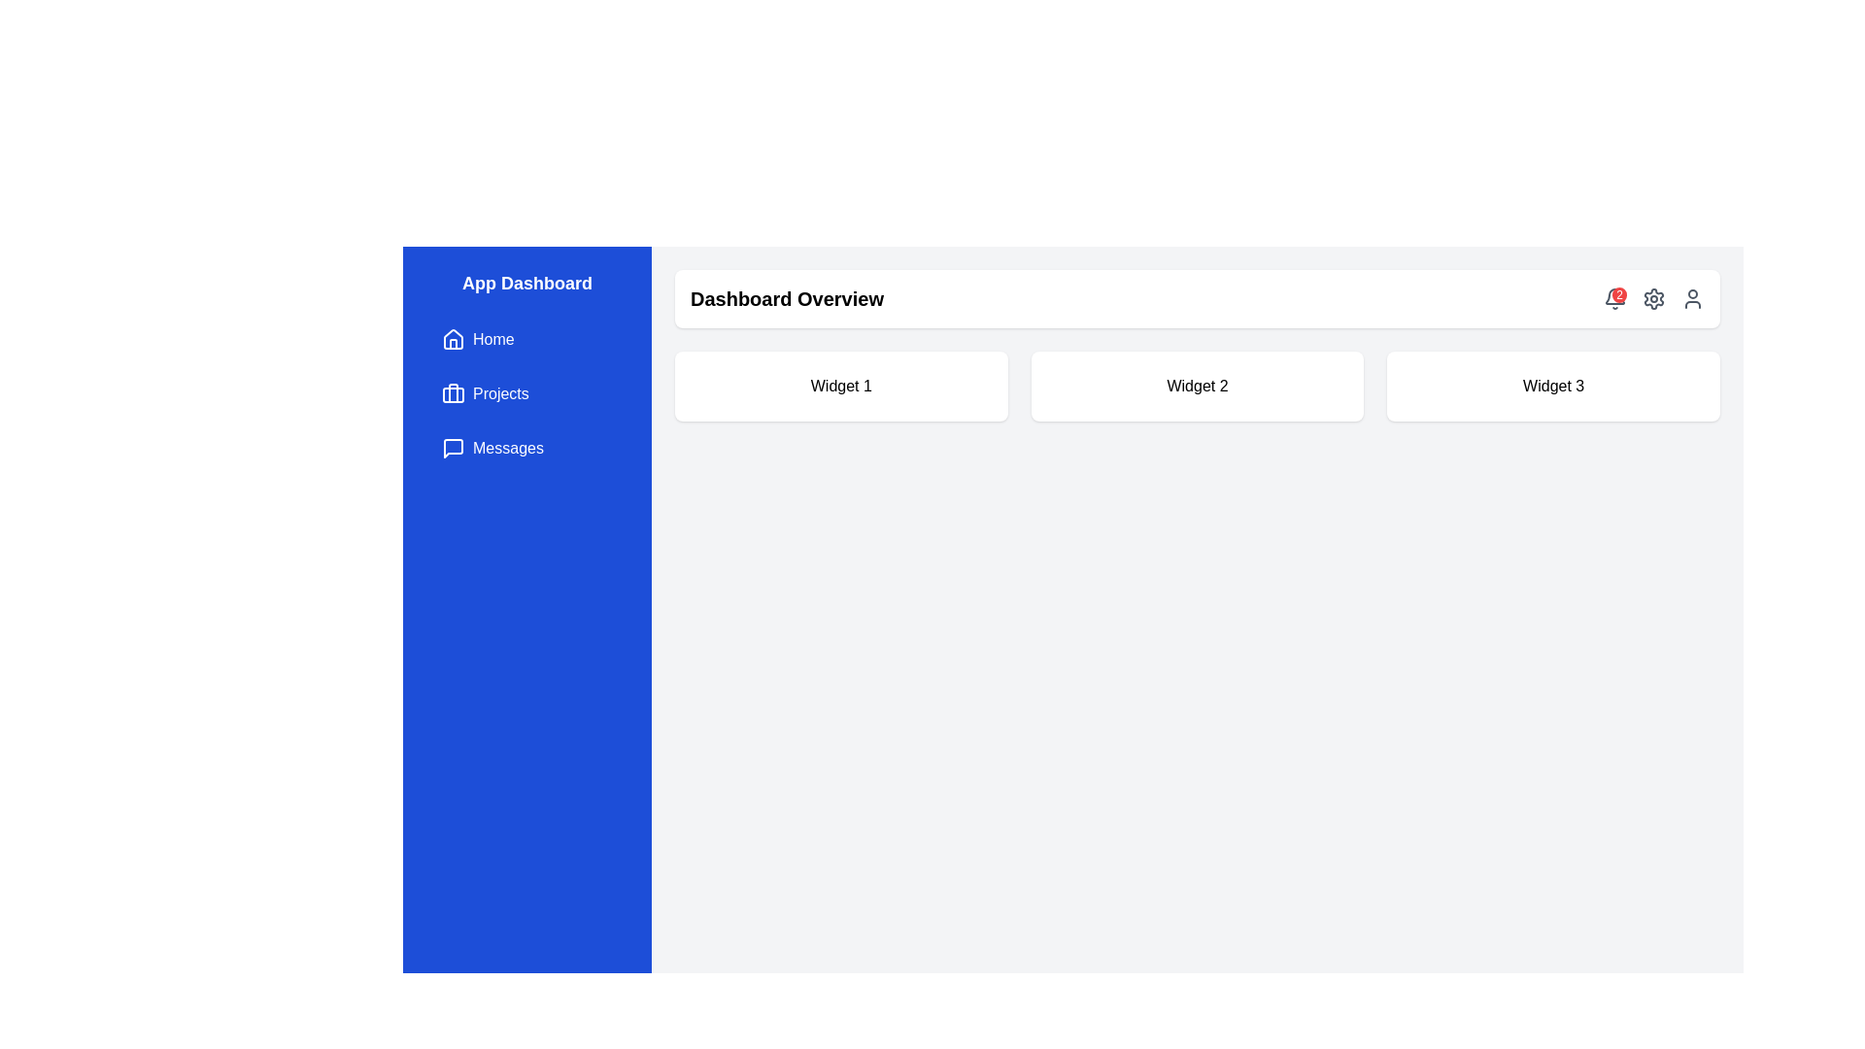  Describe the element at coordinates (452, 337) in the screenshot. I see `the house icon in the vertical navigation bar` at that location.